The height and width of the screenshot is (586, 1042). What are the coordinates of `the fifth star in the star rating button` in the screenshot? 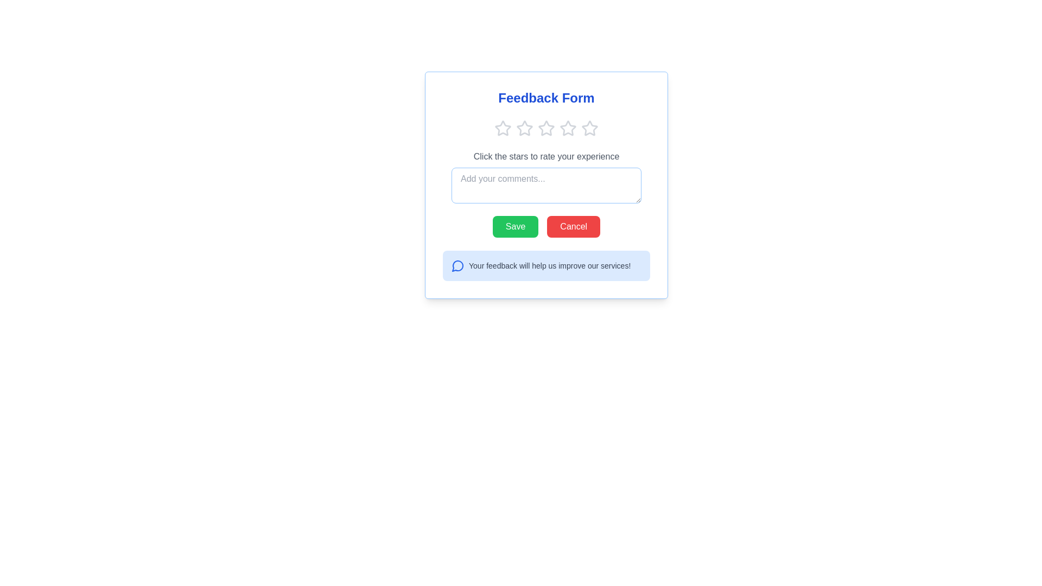 It's located at (589, 128).